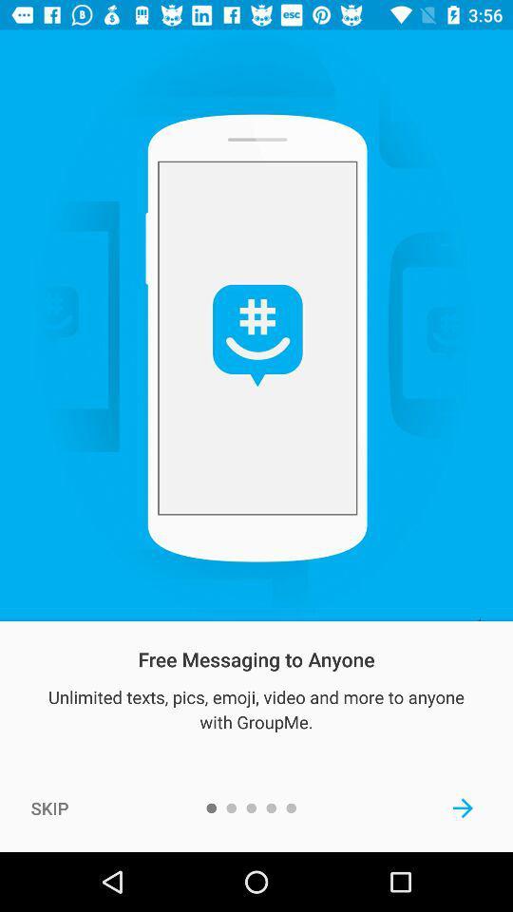 The height and width of the screenshot is (912, 513). Describe the element at coordinates (49, 807) in the screenshot. I see `skip item` at that location.